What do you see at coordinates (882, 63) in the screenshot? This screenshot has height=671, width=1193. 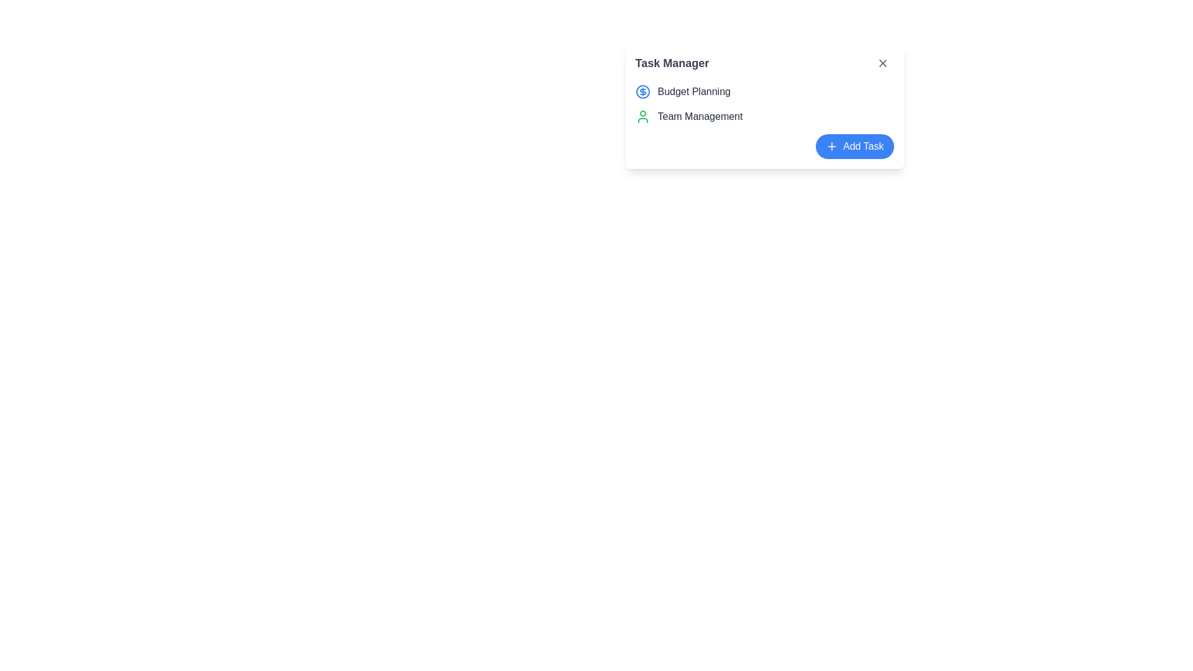 I see `the close icon located at the top-right corner of the 'Task Manager' card` at bounding box center [882, 63].